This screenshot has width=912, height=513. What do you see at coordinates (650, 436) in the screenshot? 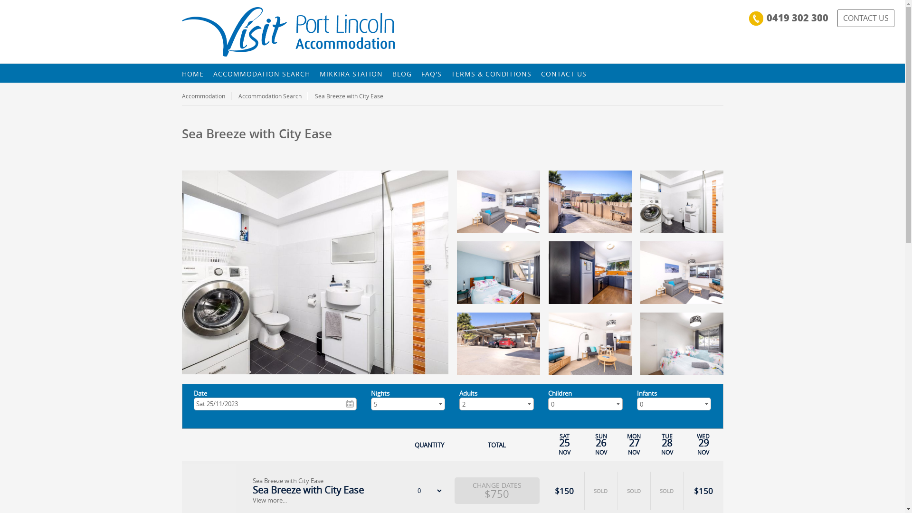
I see `'TUE'` at bounding box center [650, 436].